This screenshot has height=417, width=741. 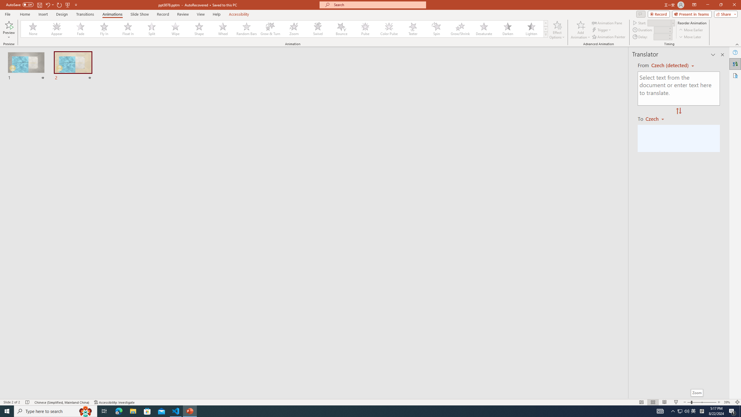 What do you see at coordinates (670, 65) in the screenshot?
I see `'Czech (detected)'` at bounding box center [670, 65].